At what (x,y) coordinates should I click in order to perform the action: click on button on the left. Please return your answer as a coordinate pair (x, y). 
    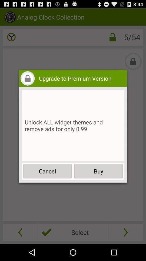
    Looking at the image, I should click on (47, 171).